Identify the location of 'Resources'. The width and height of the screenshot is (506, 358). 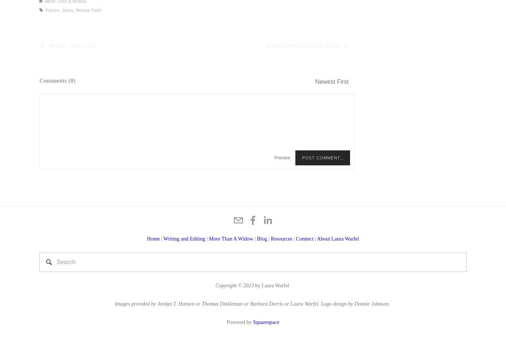
(281, 238).